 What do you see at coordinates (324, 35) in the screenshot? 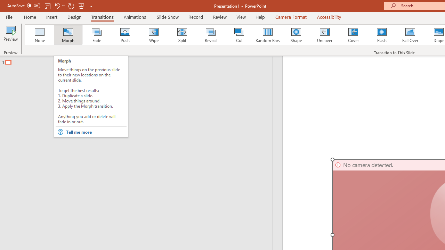
I see `'Uncover'` at bounding box center [324, 35].